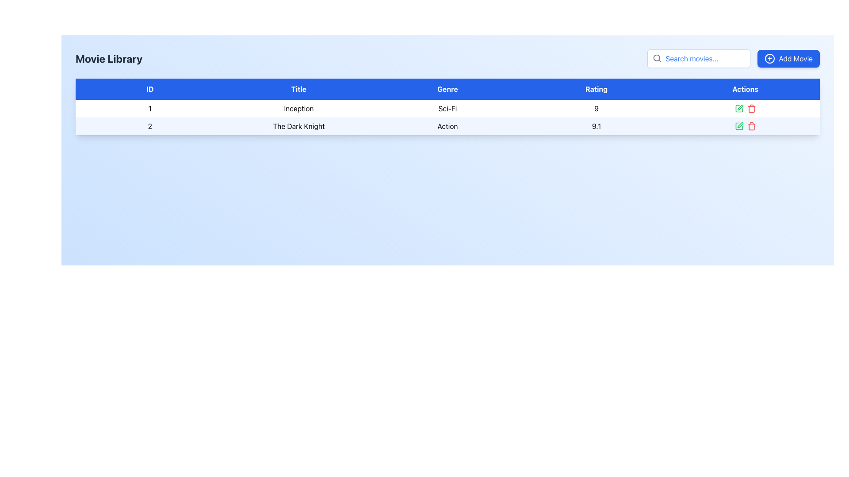 The width and height of the screenshot is (849, 477). I want to click on the red-colored trash icon in the 'Actions' column of the second row under the 'Movie Library' section, so click(751, 108).